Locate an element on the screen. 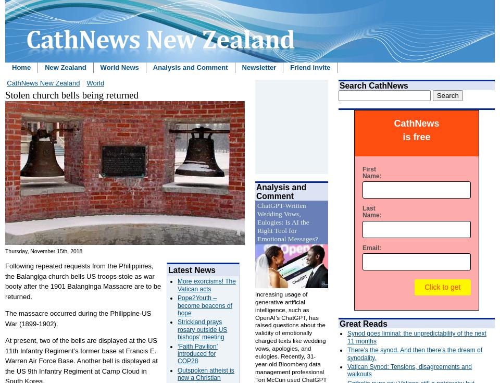 This screenshot has height=383, width=500. 'There’s the synod. And then there’s the dream of synodality.' is located at coordinates (415, 353).